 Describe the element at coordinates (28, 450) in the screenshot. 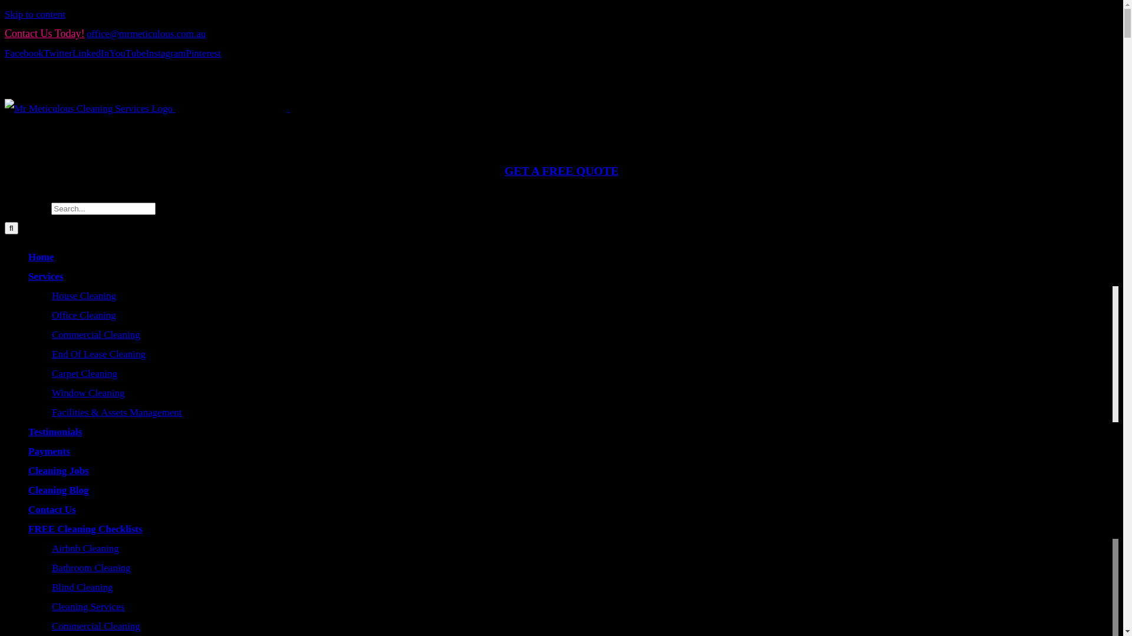

I see `'Payments'` at that location.